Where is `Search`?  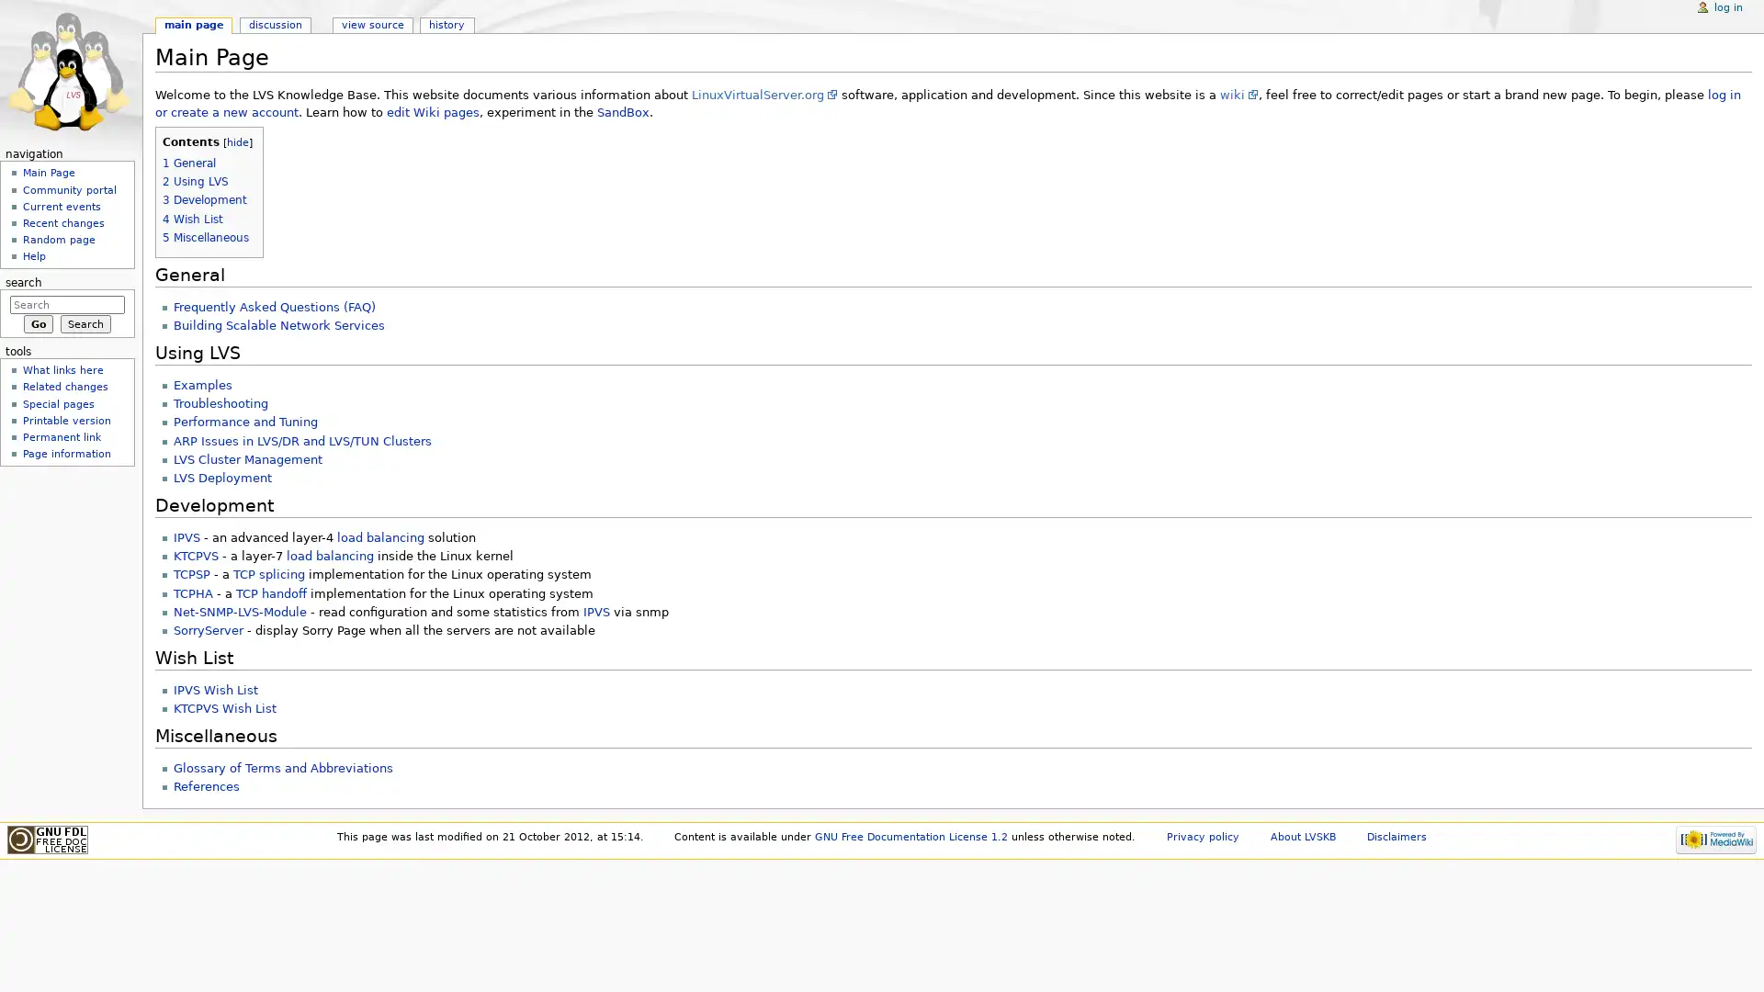
Search is located at coordinates (85, 321).